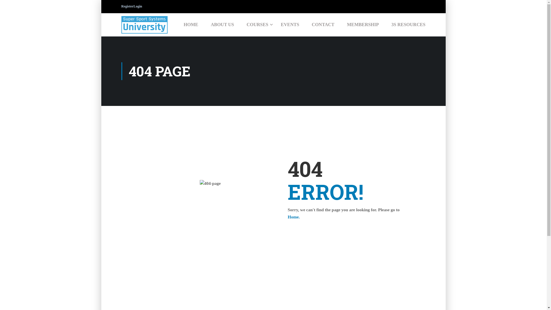 The width and height of the screenshot is (551, 310). What do you see at coordinates (127, 6) in the screenshot?
I see `'Register'` at bounding box center [127, 6].